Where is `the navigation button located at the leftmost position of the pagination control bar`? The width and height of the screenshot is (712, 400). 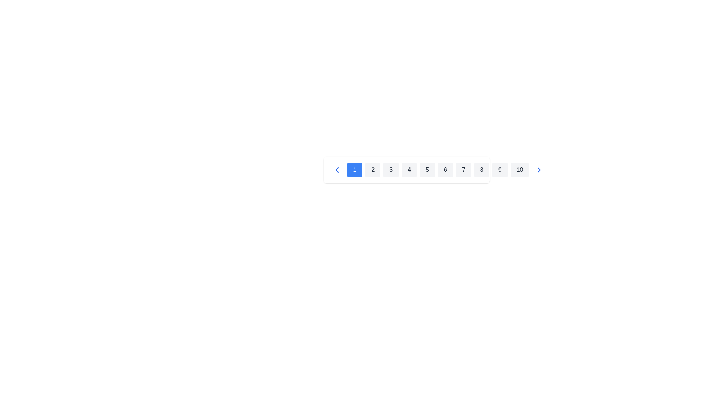
the navigation button located at the leftmost position of the pagination control bar is located at coordinates (336, 170).